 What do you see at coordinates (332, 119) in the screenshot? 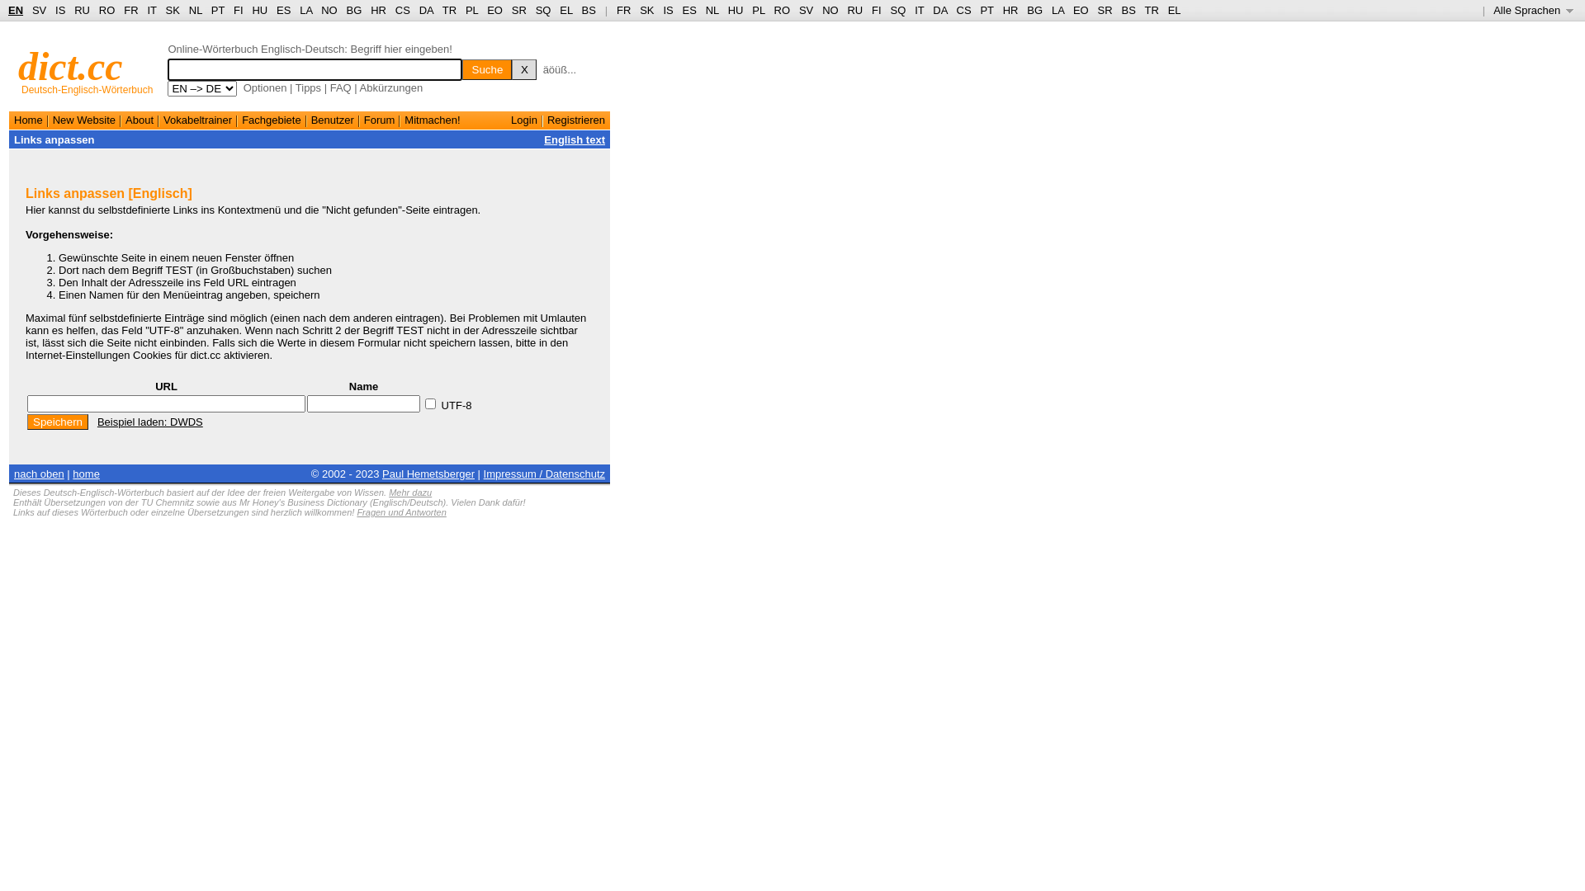
I see `'Benutzer'` at bounding box center [332, 119].